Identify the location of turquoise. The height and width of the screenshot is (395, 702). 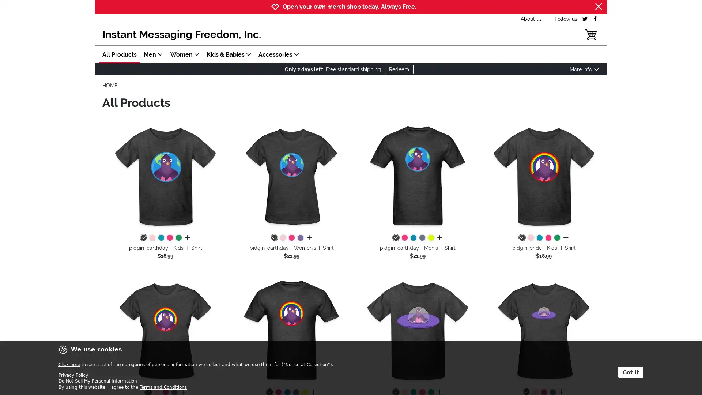
(539, 238).